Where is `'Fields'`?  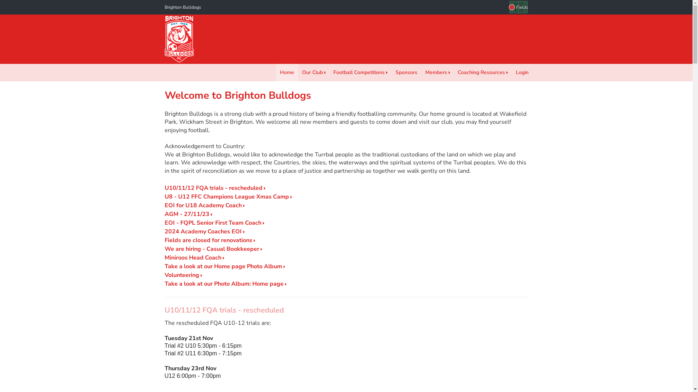 'Fields' is located at coordinates (518, 7).